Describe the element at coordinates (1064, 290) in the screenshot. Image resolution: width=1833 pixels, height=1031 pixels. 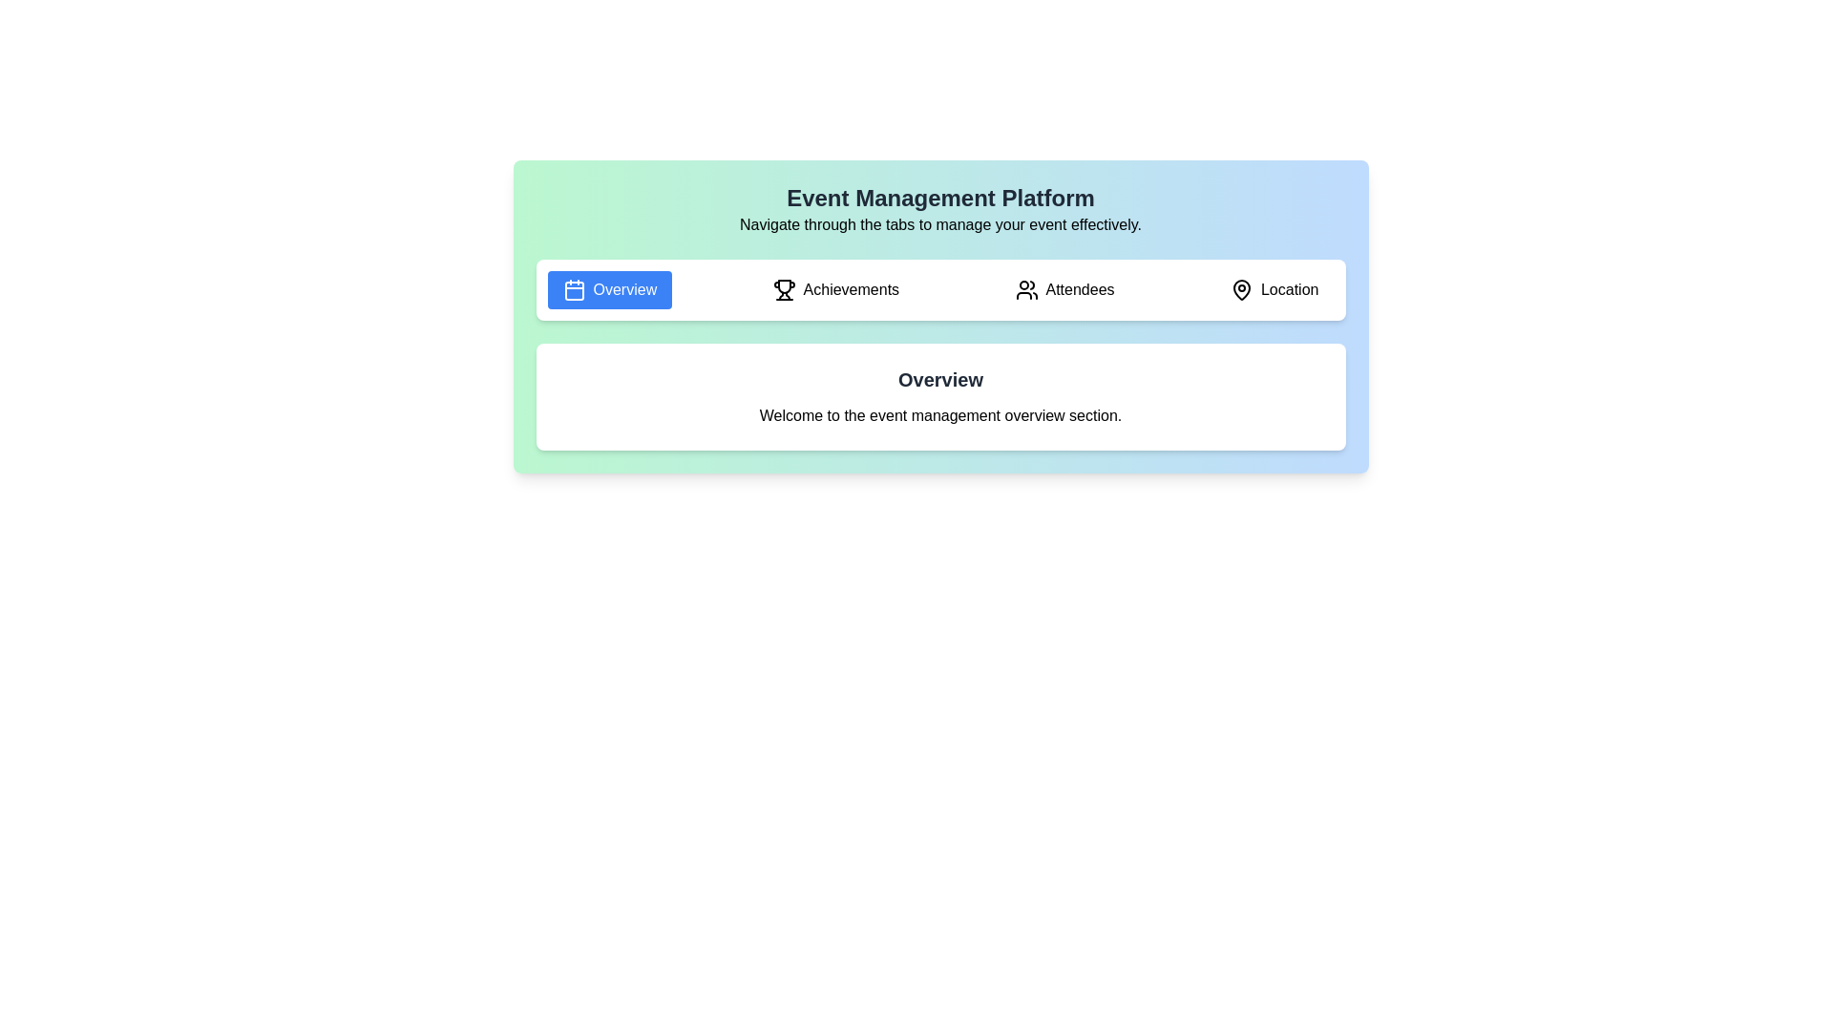
I see `the 'Attendees' button in the navigation menu to change its background color` at that location.